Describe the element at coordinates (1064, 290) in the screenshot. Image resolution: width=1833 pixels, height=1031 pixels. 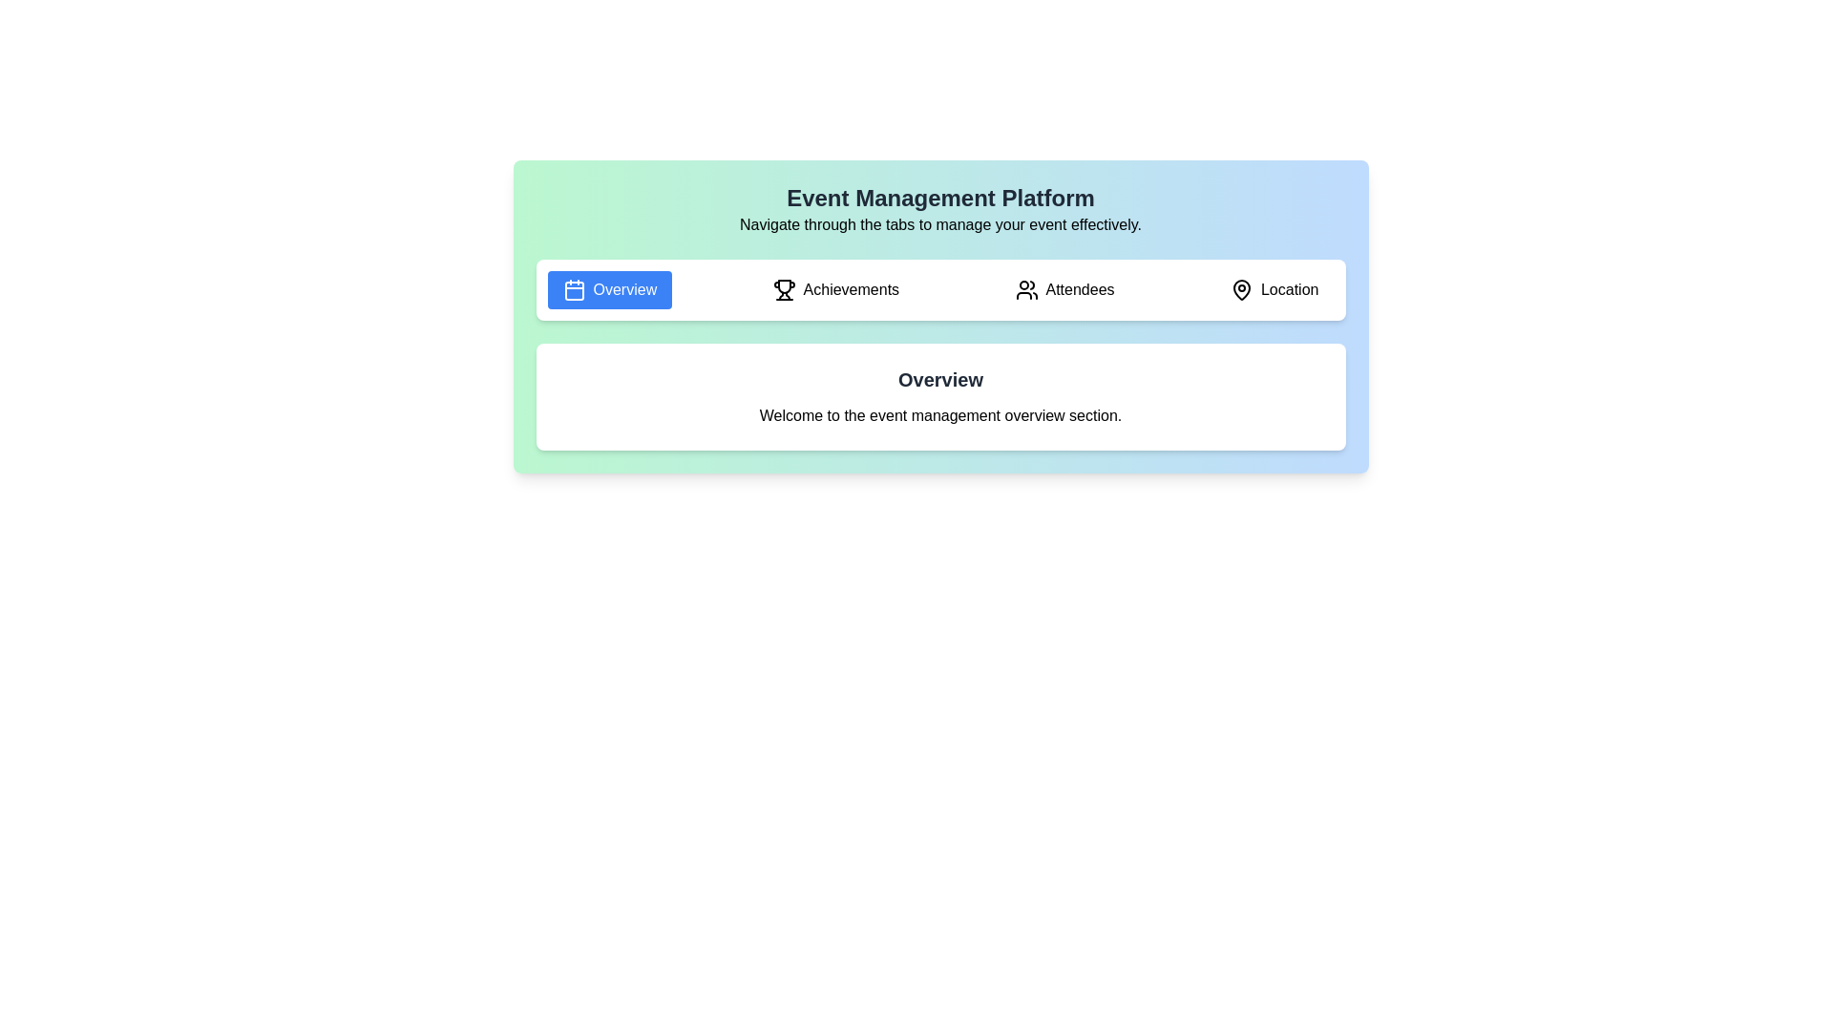
I see `the 'Attendees' button in the navigation menu to change its background color` at that location.